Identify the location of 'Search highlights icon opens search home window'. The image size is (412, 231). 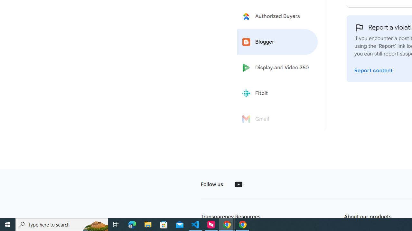
(95, 224).